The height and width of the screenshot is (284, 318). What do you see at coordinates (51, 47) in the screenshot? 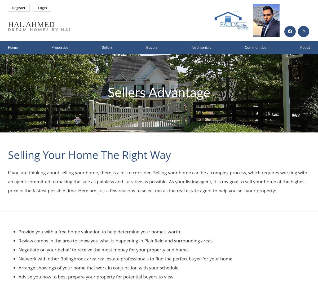
I see `'Properties'` at bounding box center [51, 47].